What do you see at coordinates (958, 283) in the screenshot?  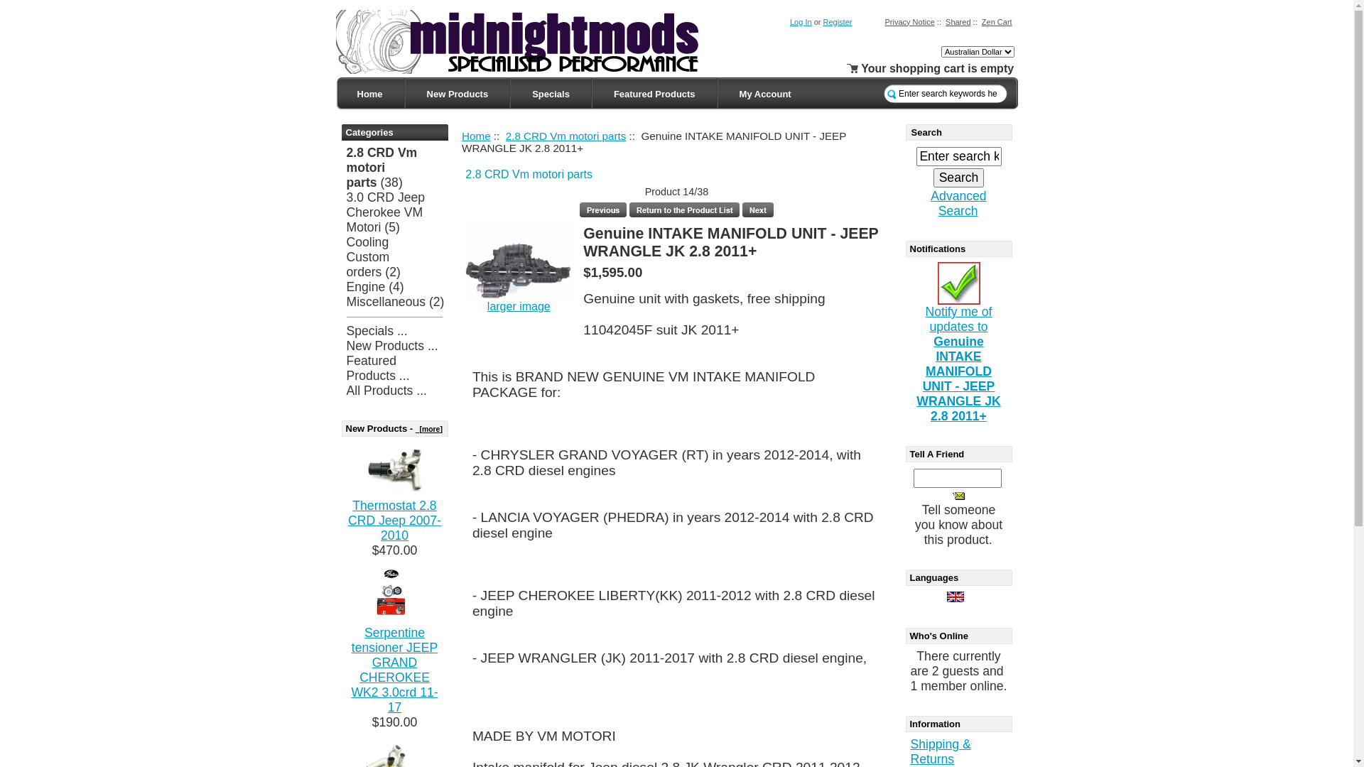 I see `' Notify me of updates to this product. '` at bounding box center [958, 283].